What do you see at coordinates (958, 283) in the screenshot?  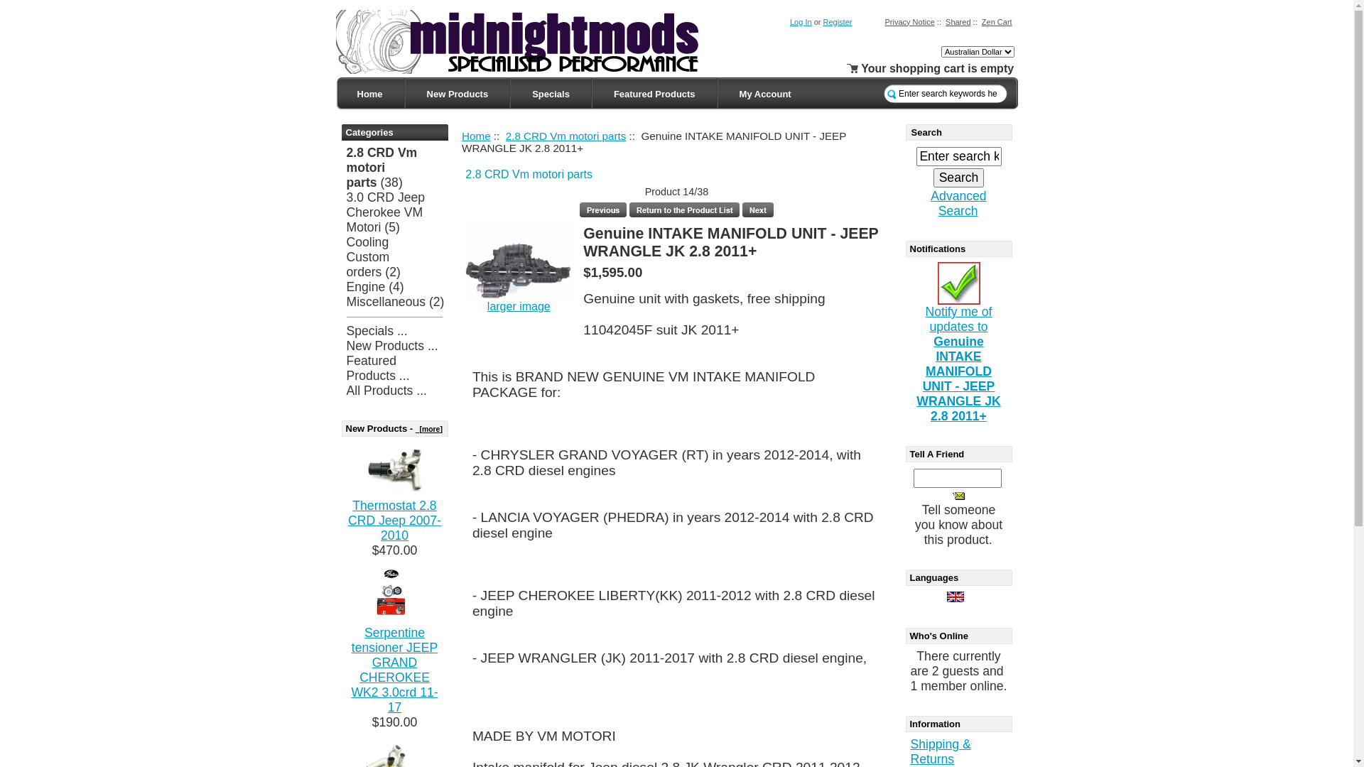 I see `' Notify me of updates to this product. '` at bounding box center [958, 283].